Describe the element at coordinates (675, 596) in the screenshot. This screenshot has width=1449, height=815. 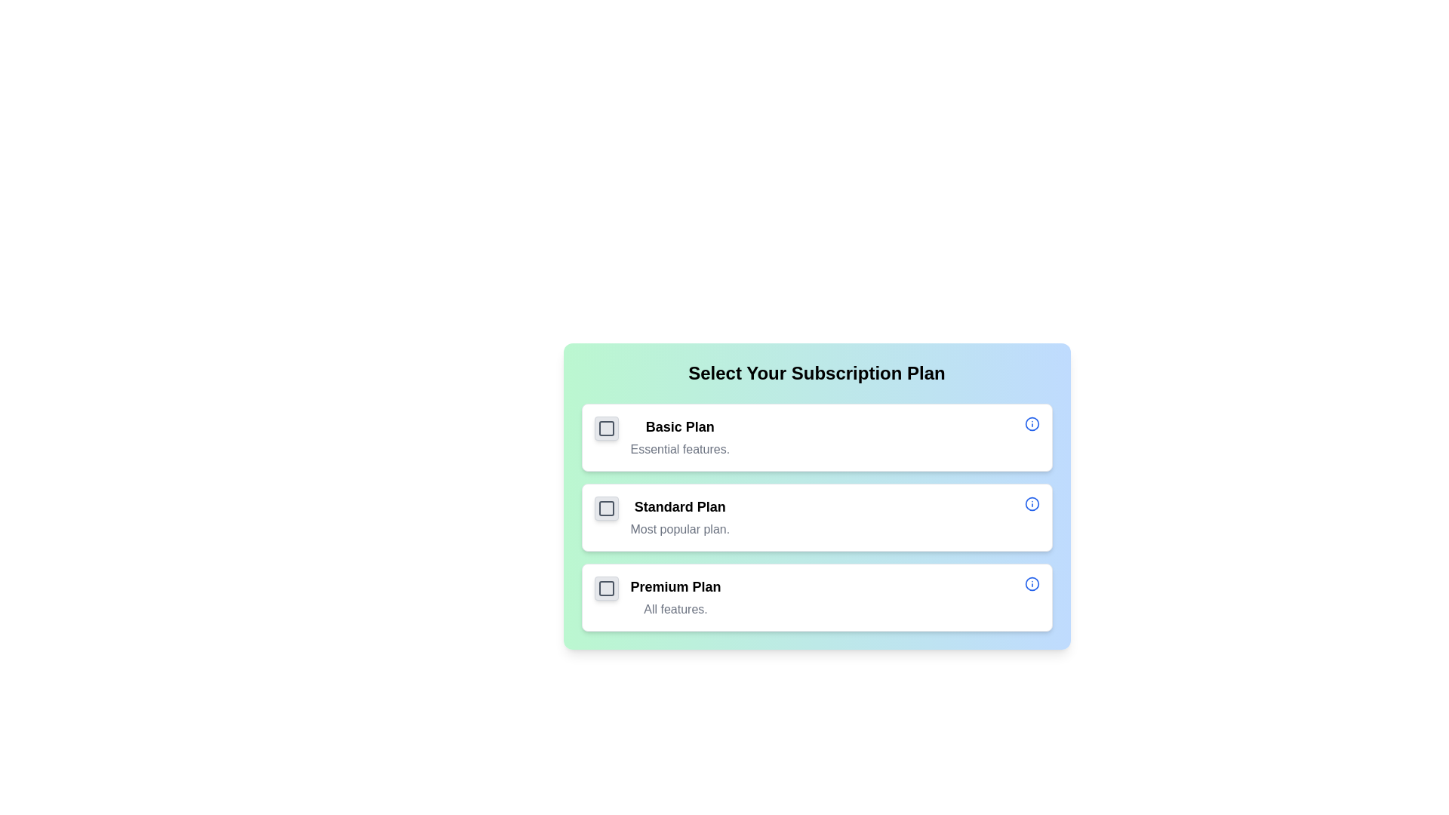
I see `the 'Premium Plan' text label, which features a bold title and a smaller description, located in the third card of the subscription options section` at that location.